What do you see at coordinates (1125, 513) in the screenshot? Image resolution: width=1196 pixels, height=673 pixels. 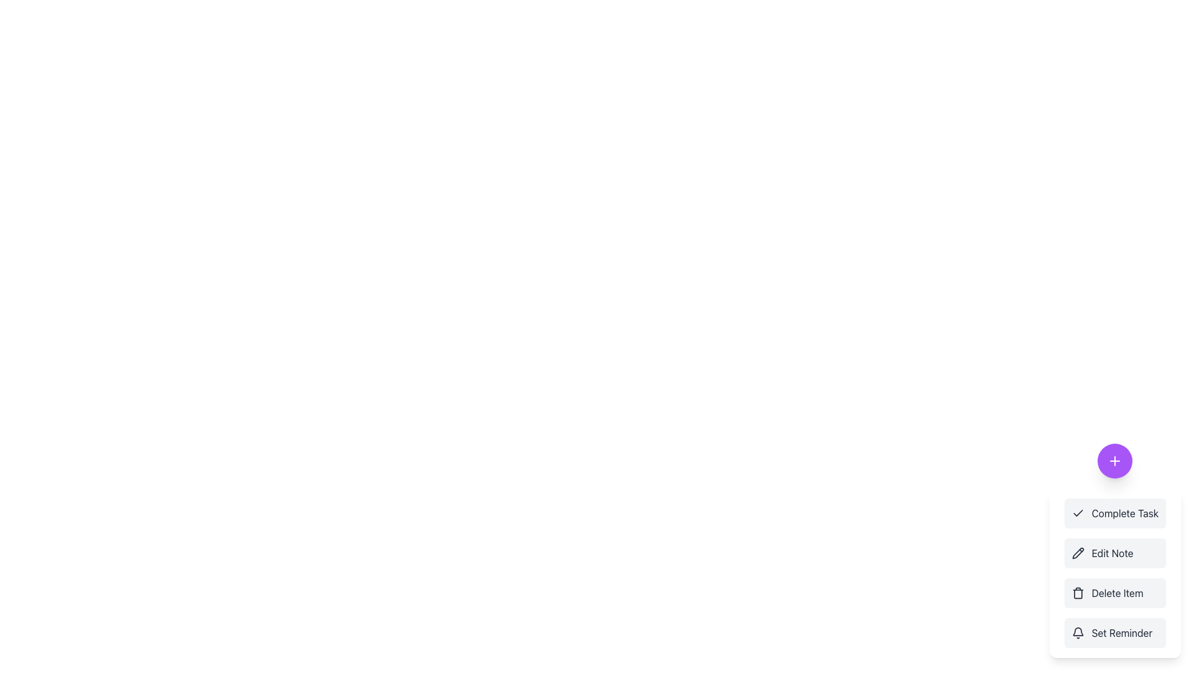 I see `the 'Complete Task' option label, which is the first item in the vertical options menu located at the bottom-right corner of the interface` at bounding box center [1125, 513].